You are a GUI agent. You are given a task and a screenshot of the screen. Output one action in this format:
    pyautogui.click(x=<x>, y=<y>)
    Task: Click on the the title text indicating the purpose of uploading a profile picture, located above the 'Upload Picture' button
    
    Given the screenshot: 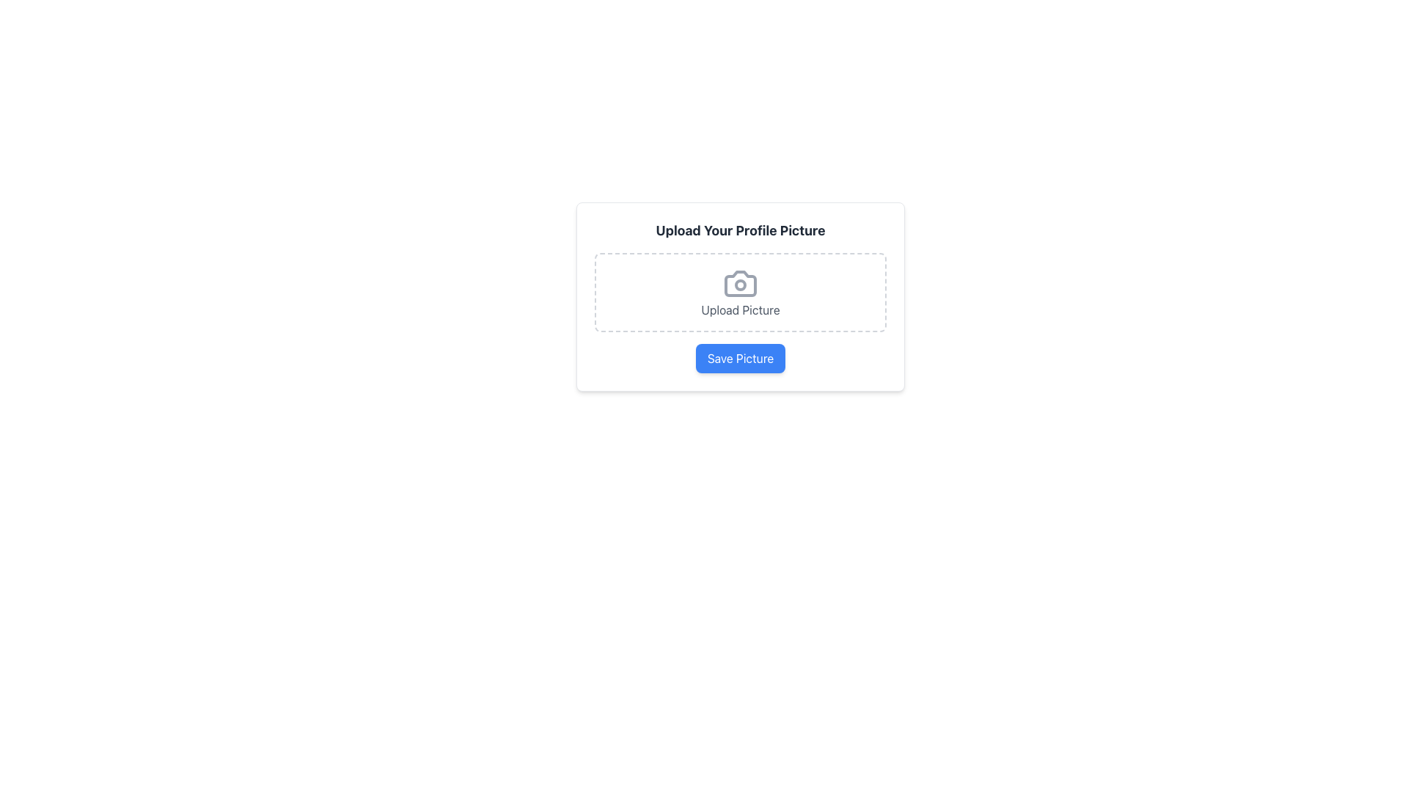 What is the action you would take?
    pyautogui.click(x=740, y=231)
    